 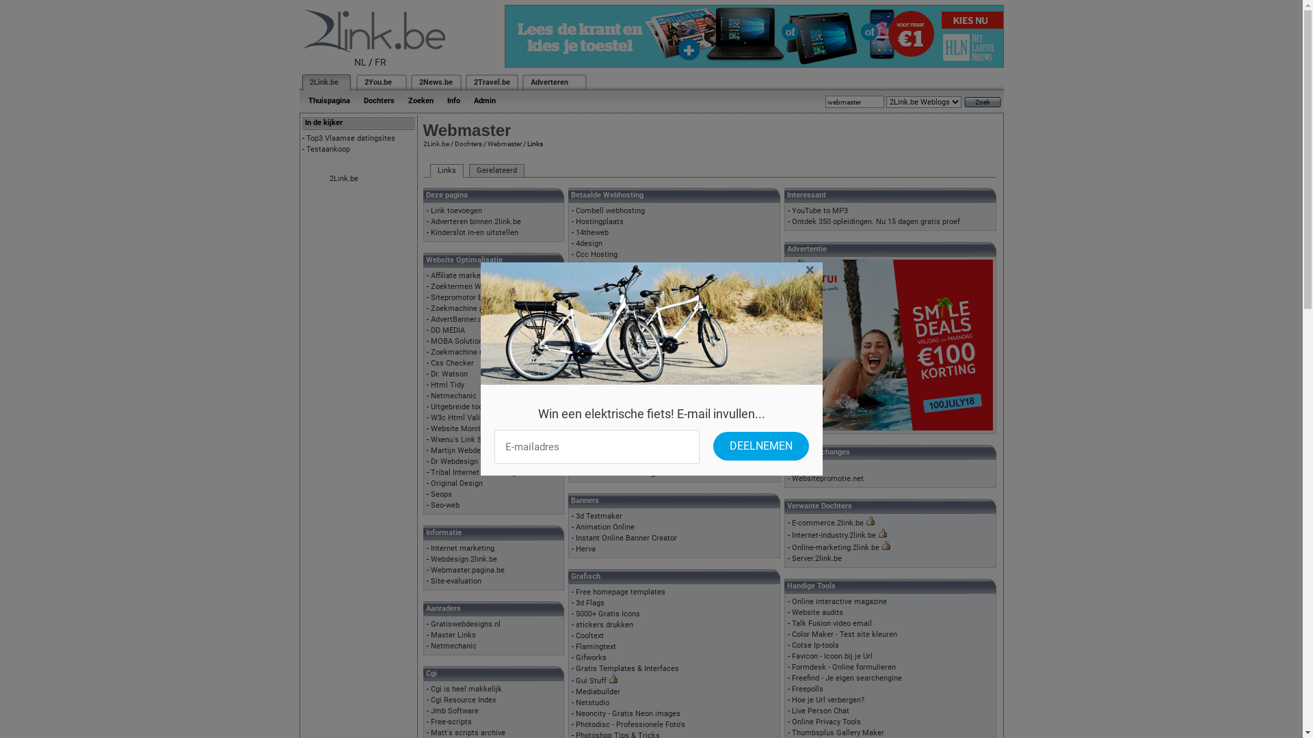 What do you see at coordinates (484, 100) in the screenshot?
I see `'Admin'` at bounding box center [484, 100].